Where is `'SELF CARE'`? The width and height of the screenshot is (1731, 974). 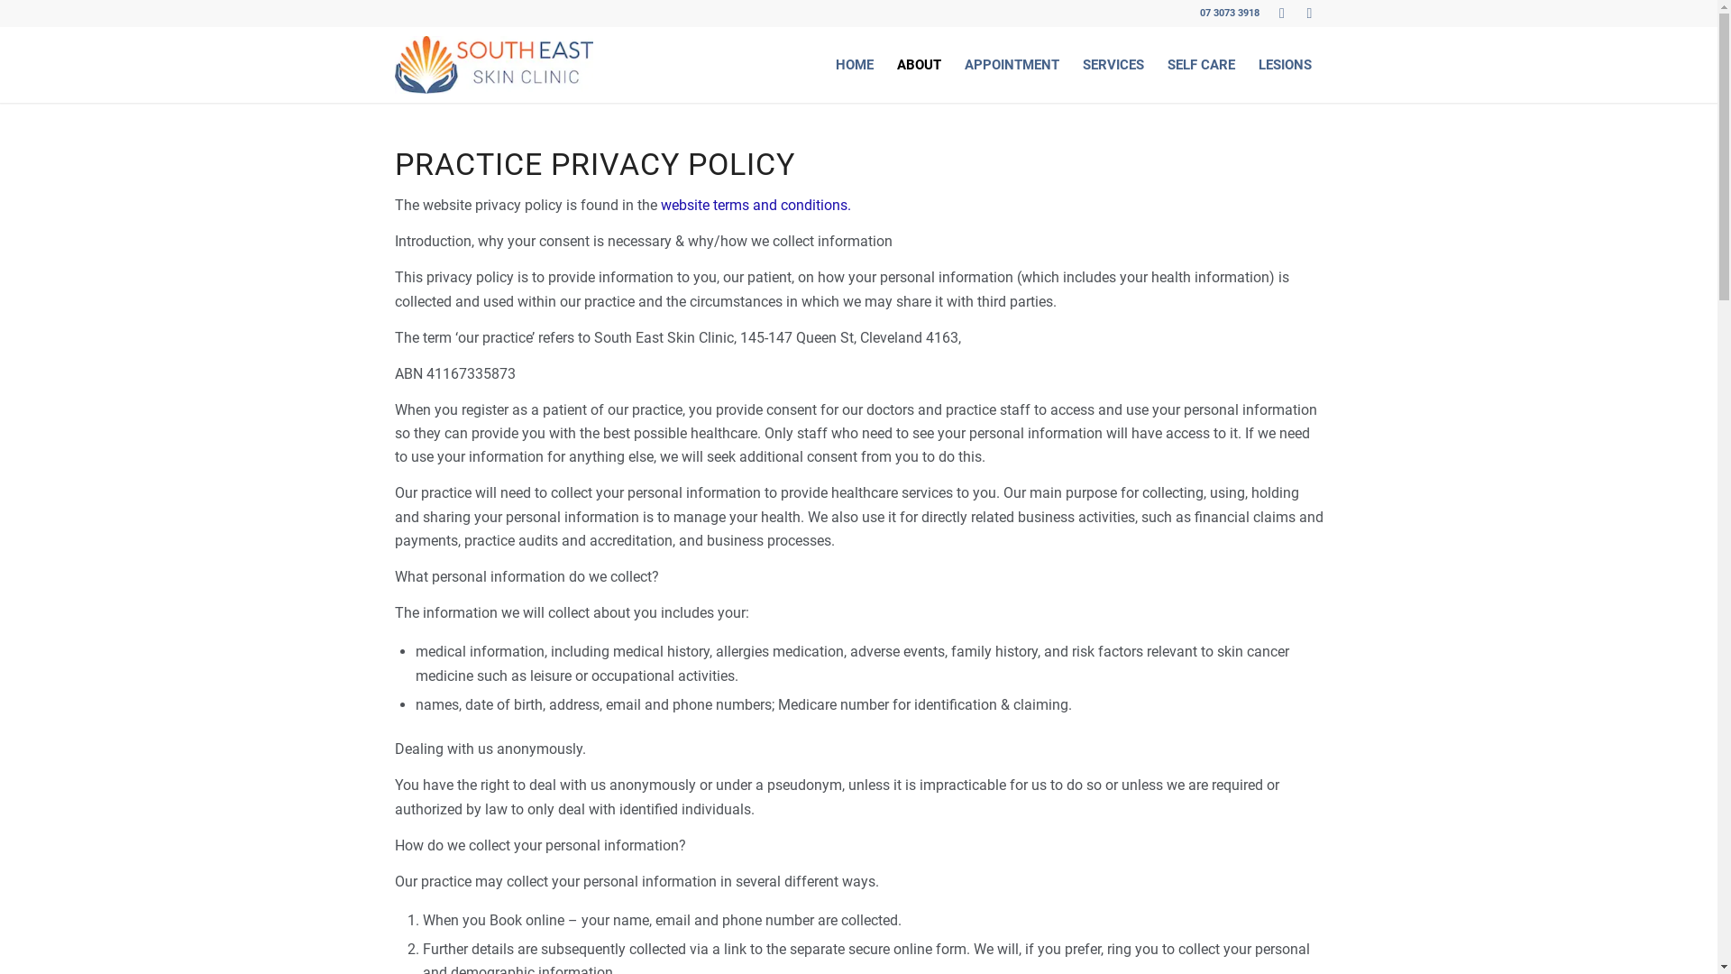
'SELF CARE' is located at coordinates (1201, 64).